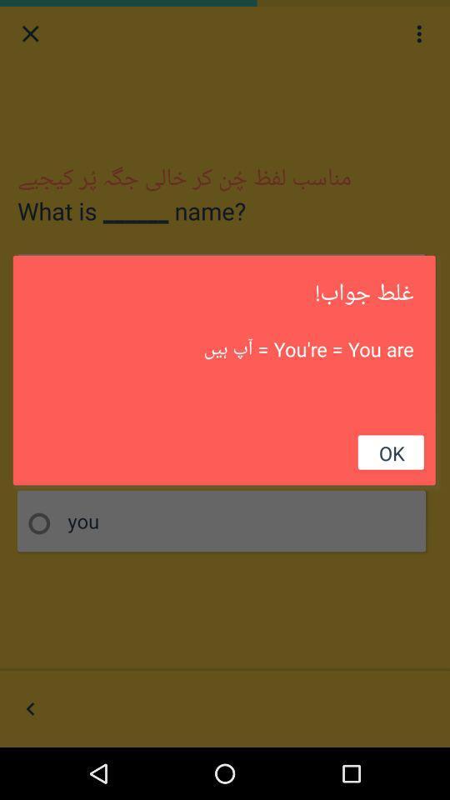  What do you see at coordinates (418, 35) in the screenshot?
I see `the more icon` at bounding box center [418, 35].